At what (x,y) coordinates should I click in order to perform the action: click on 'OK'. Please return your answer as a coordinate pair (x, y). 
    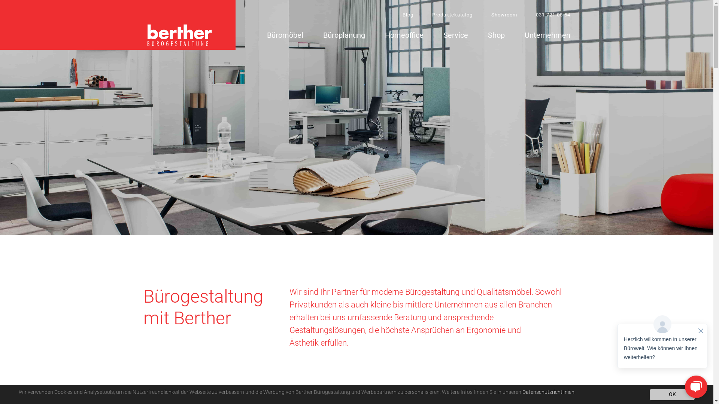
    Looking at the image, I should click on (672, 394).